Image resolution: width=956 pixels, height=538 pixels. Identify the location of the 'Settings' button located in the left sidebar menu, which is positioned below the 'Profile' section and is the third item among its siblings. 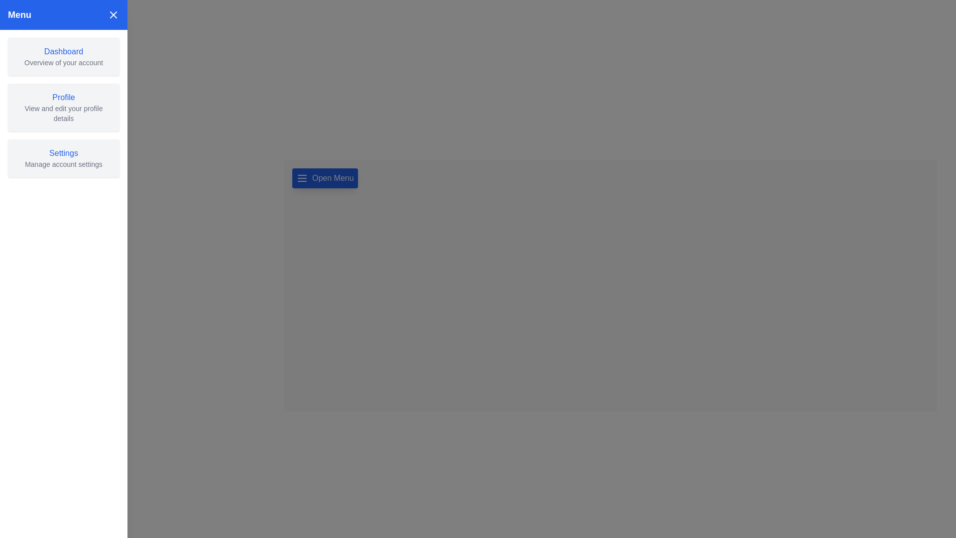
(63, 157).